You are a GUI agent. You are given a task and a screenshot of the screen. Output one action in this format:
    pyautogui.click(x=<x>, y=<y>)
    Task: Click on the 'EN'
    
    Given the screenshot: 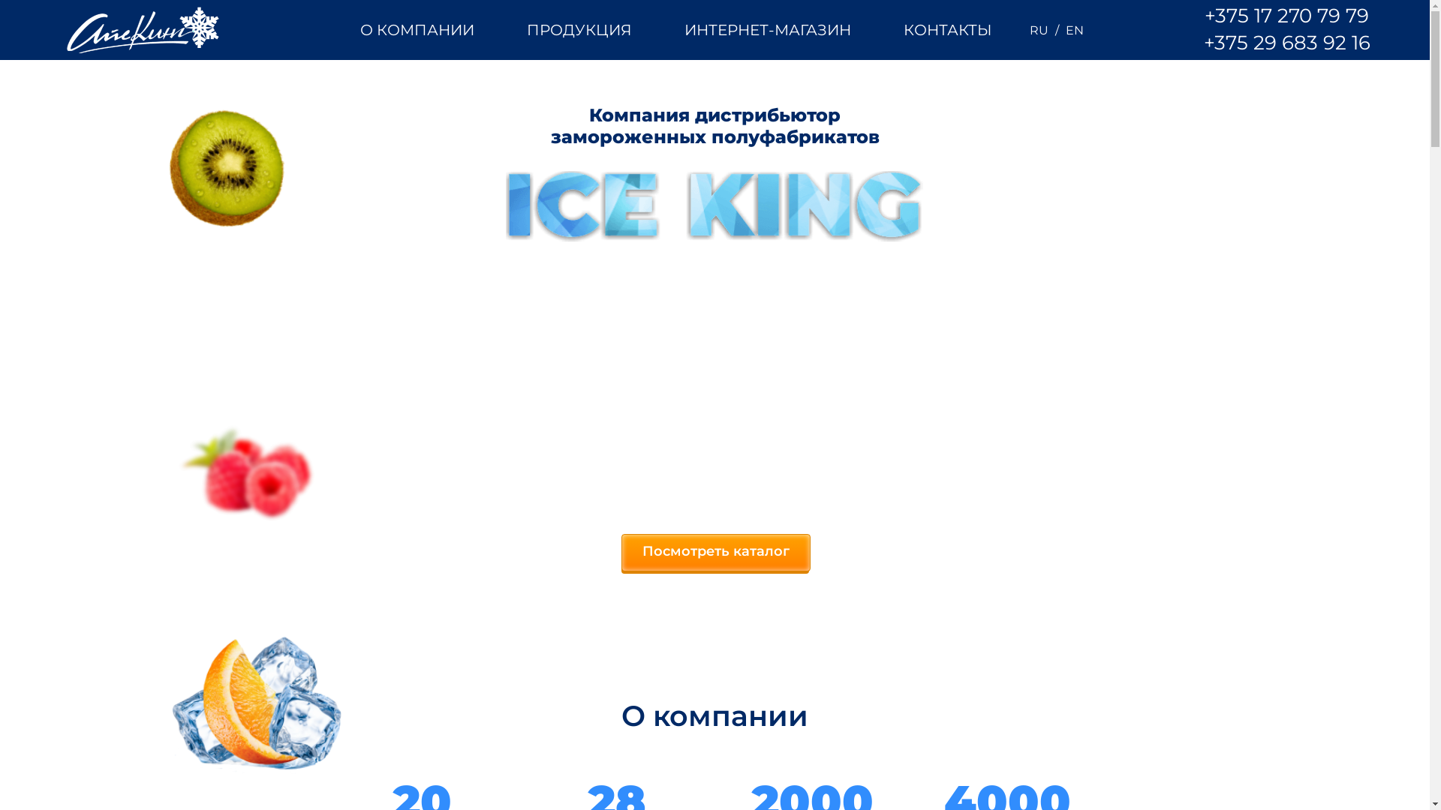 What is the action you would take?
    pyautogui.click(x=1073, y=29)
    